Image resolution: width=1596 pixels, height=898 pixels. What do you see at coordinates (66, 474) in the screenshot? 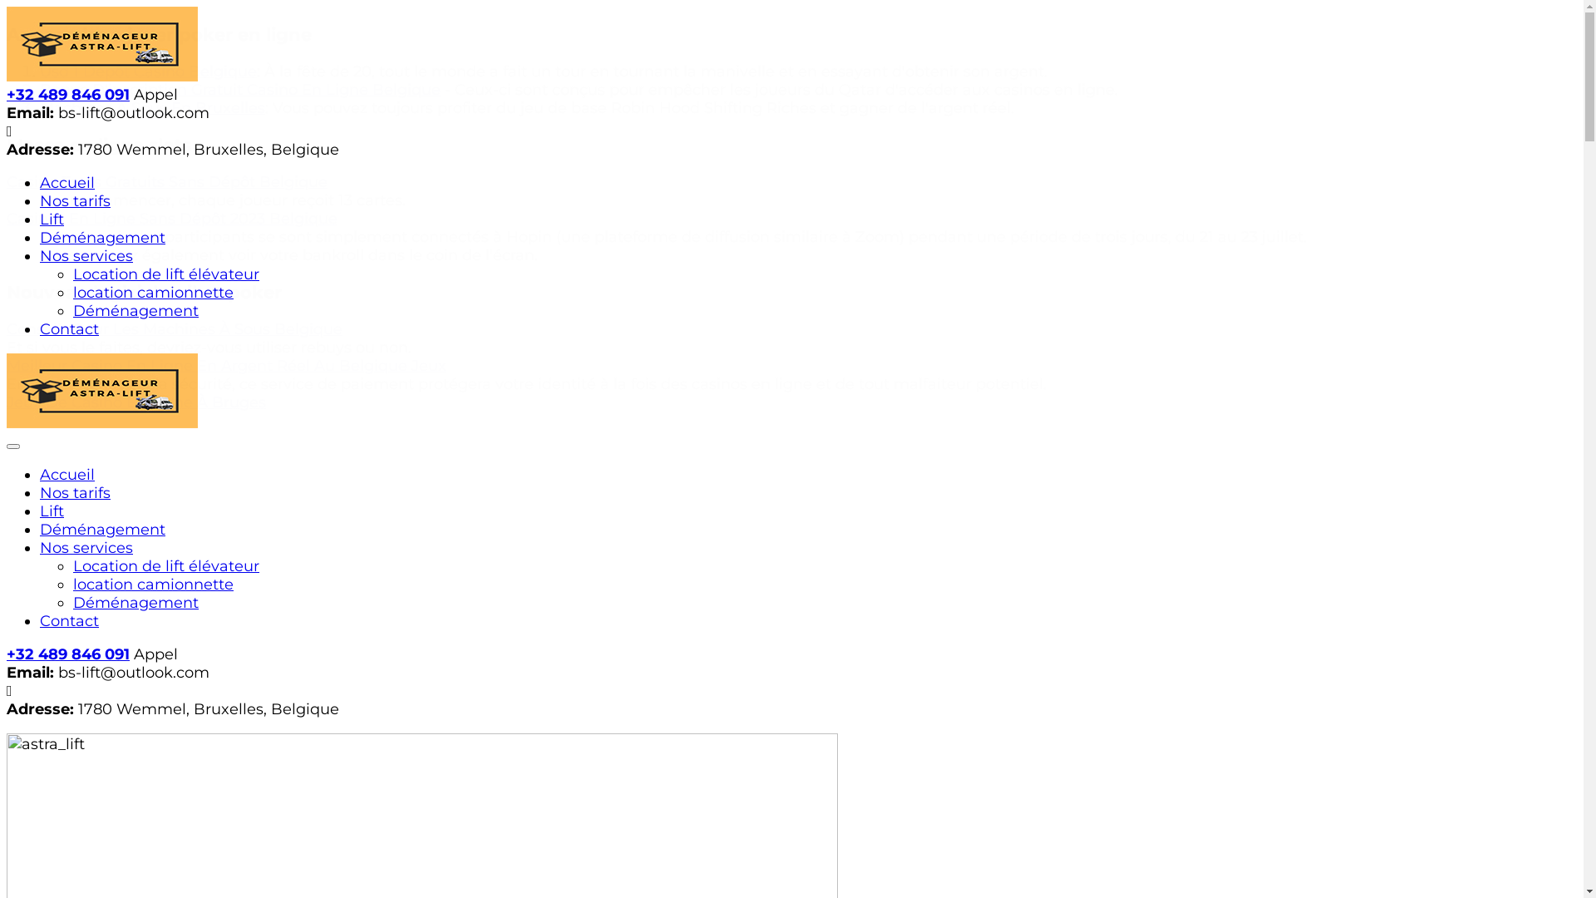
I see `'Accueil'` at bounding box center [66, 474].